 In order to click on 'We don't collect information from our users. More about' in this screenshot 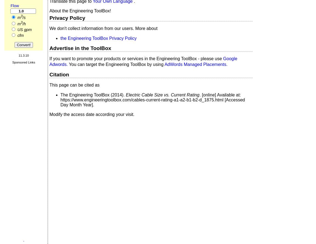, I will do `click(103, 28)`.